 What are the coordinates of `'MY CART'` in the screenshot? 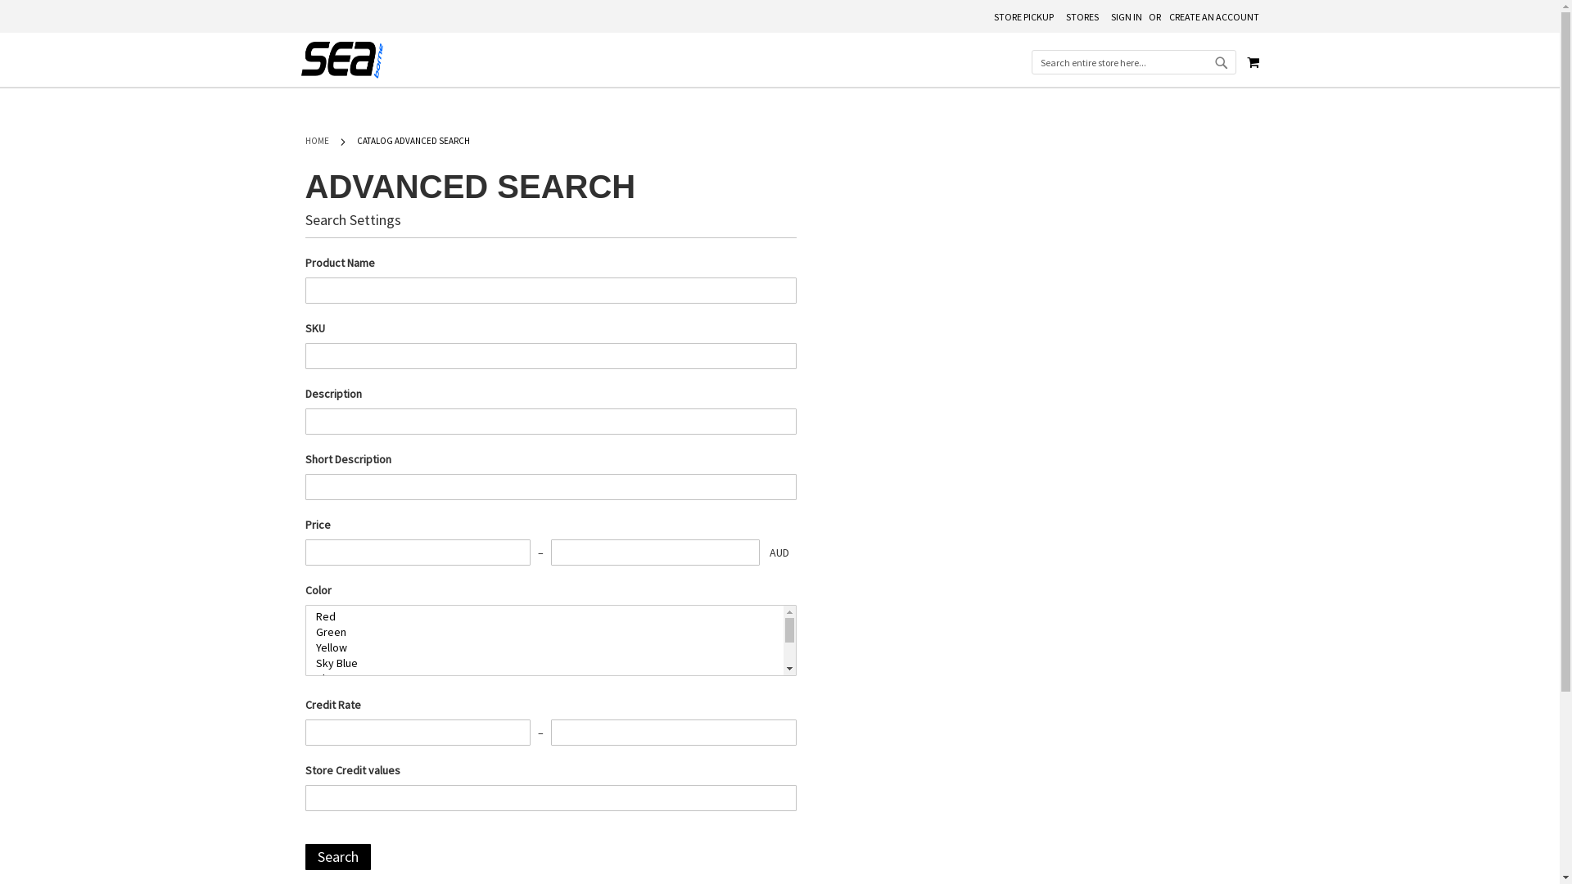 It's located at (1251, 61).